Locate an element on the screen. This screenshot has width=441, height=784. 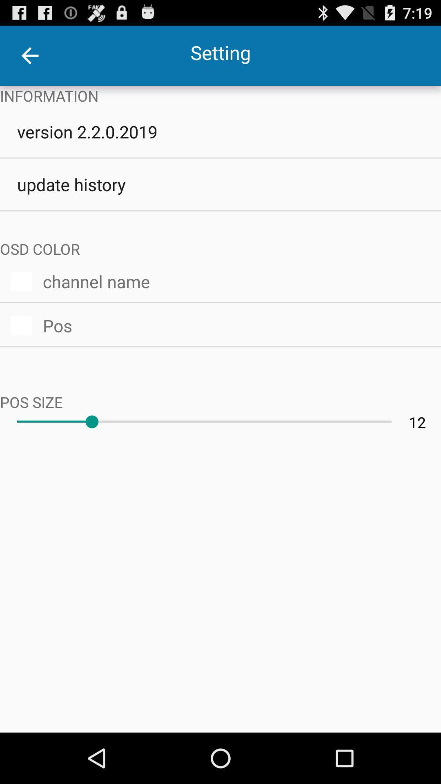
update history icon is located at coordinates (220, 184).